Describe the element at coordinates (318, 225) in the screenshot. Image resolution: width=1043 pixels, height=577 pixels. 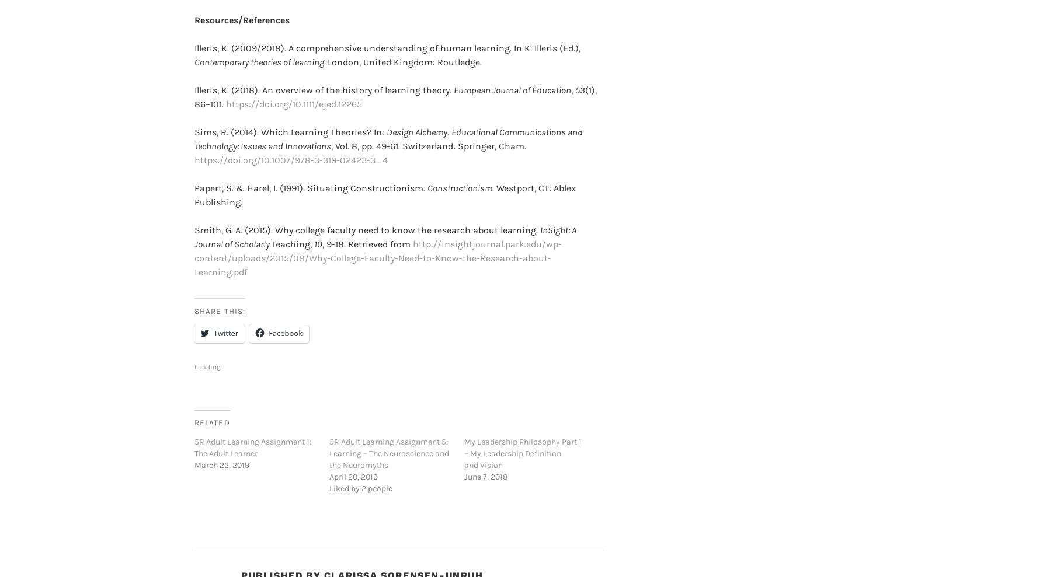
I see `'10'` at that location.